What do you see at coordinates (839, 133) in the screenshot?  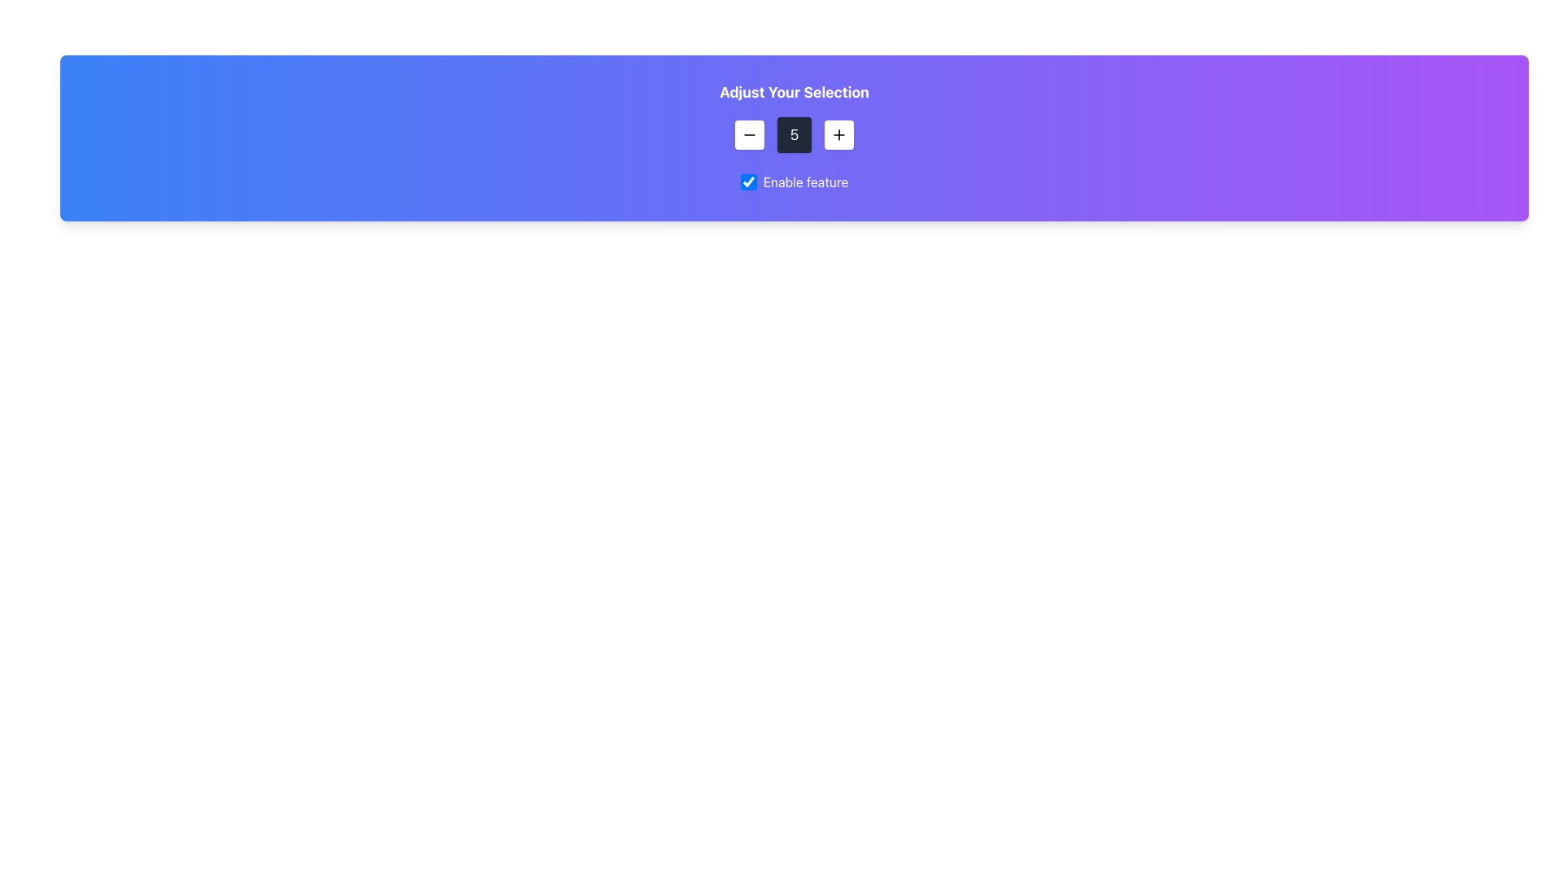 I see `the square button with a white background and a '+' icon` at bounding box center [839, 133].